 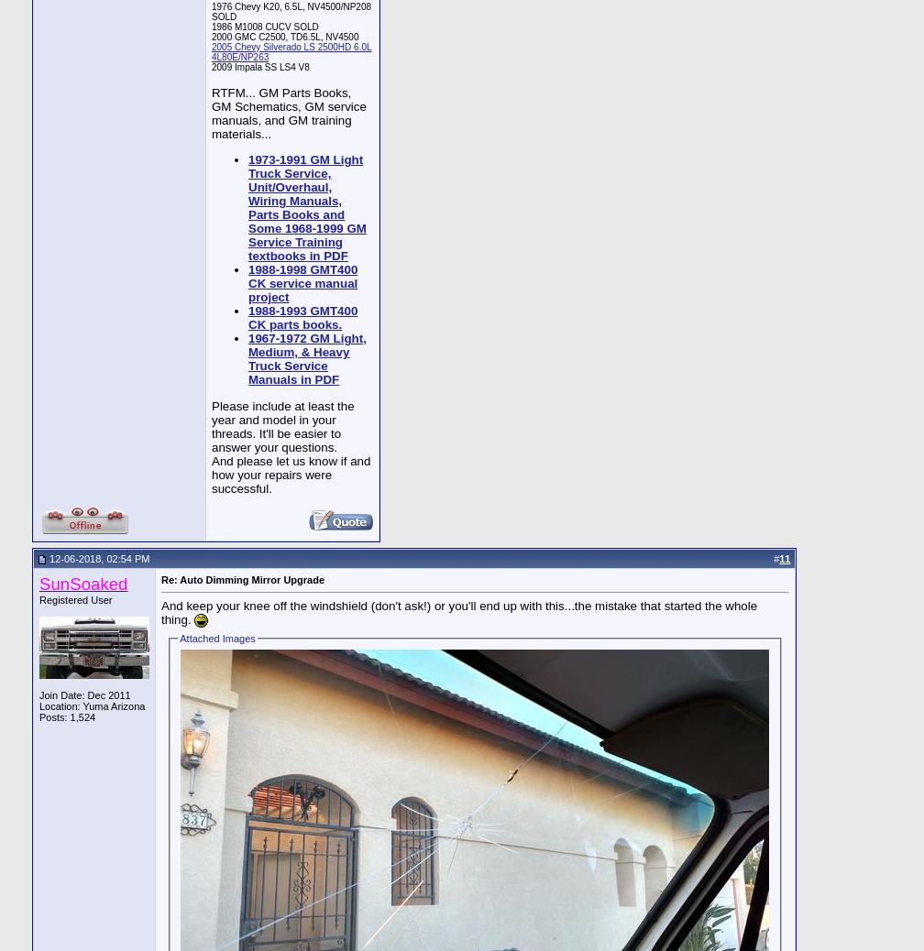 What do you see at coordinates (264, 25) in the screenshot?
I see `'1986 M1008 CUCV SOLD'` at bounding box center [264, 25].